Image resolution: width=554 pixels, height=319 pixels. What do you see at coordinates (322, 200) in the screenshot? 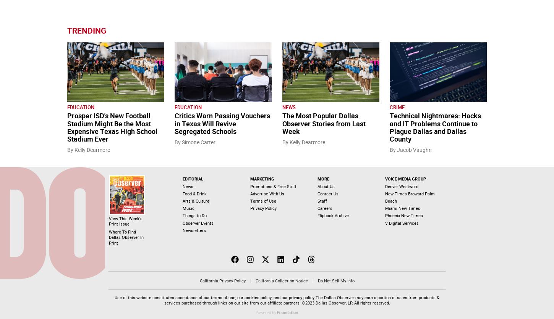
I see `'Staff'` at bounding box center [322, 200].